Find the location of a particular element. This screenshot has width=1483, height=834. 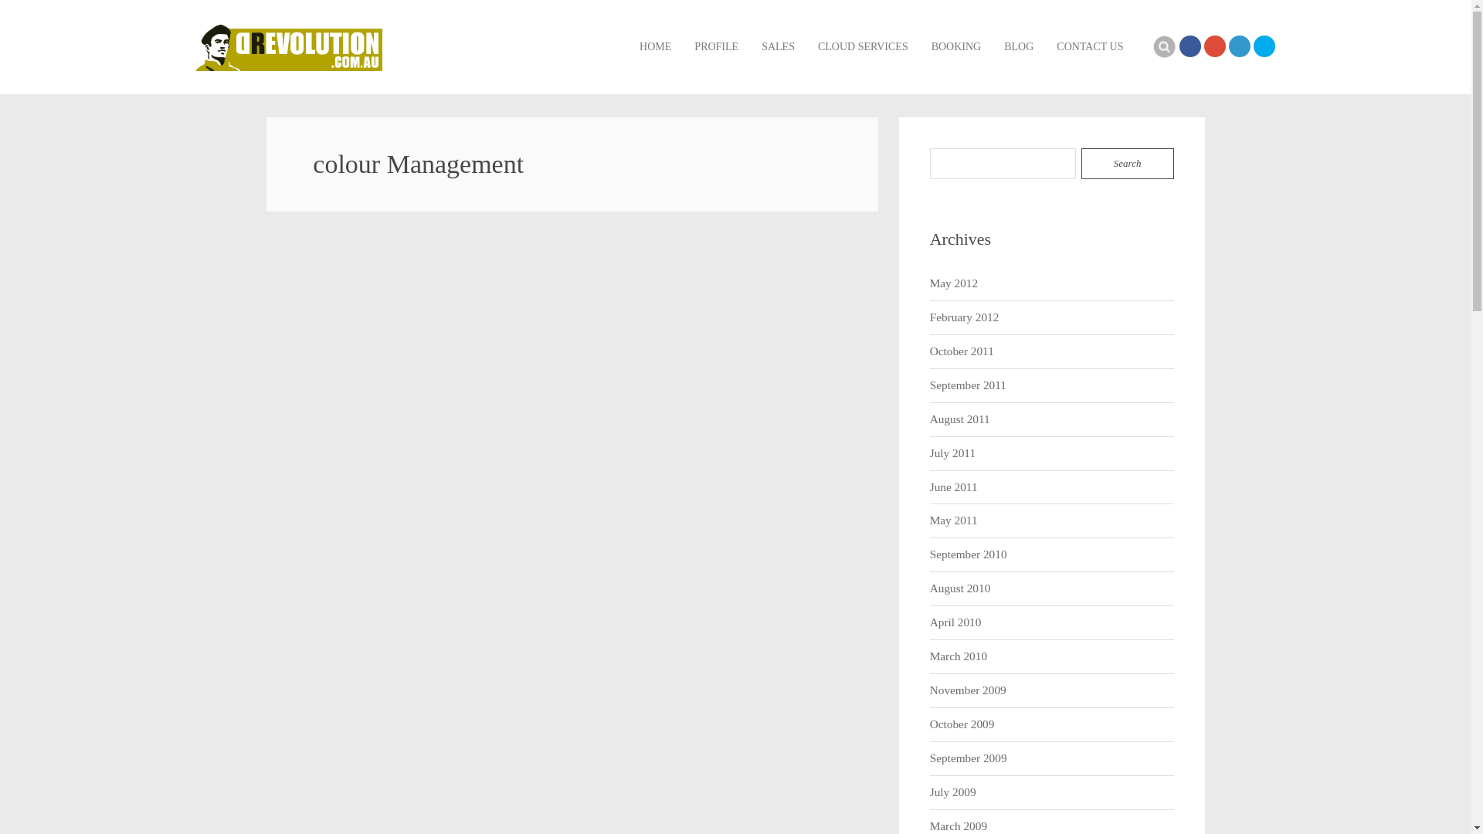

'Skip to content' is located at coordinates (639, 22).